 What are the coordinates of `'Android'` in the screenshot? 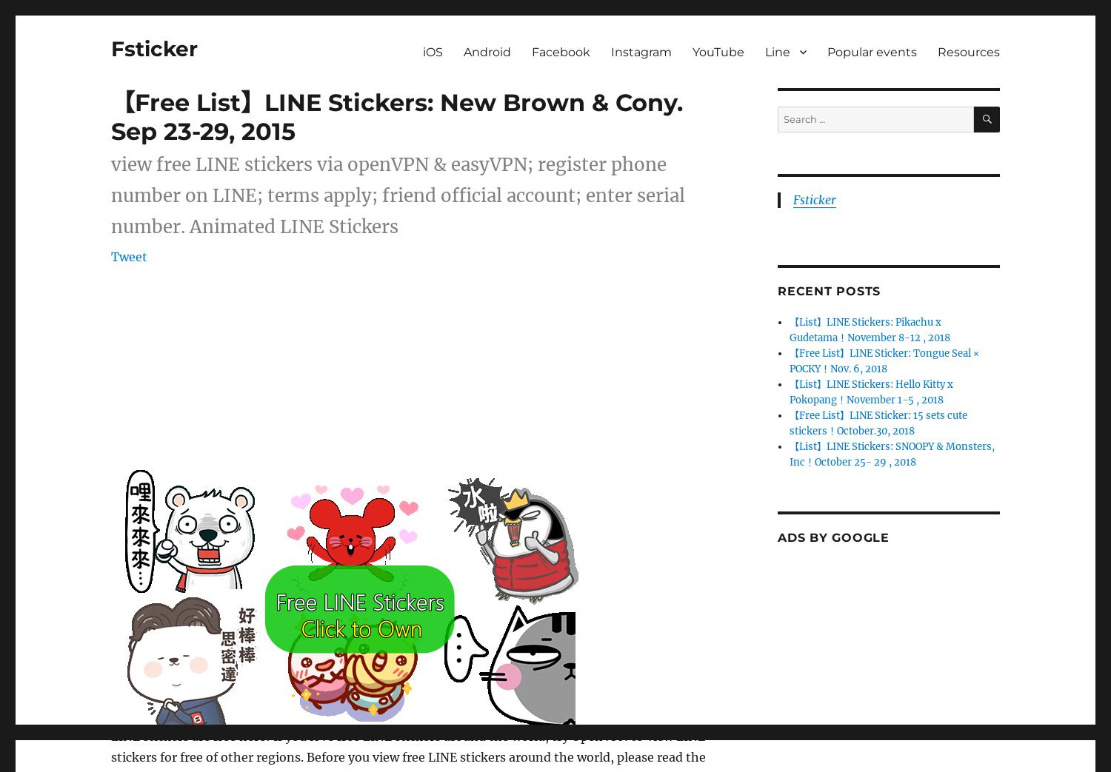 It's located at (487, 50).